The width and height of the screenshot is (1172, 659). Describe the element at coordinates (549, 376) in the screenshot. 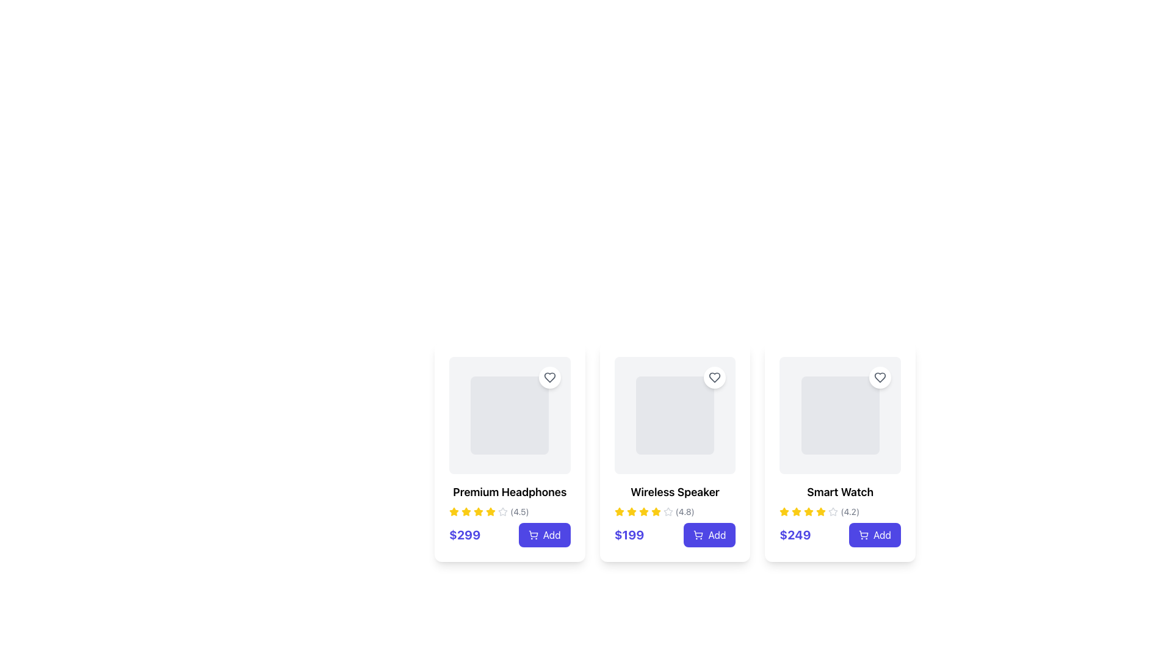

I see `the heart-shaped like icon located in the top-right corner of the 'Premium Headphones' card to like the product` at that location.